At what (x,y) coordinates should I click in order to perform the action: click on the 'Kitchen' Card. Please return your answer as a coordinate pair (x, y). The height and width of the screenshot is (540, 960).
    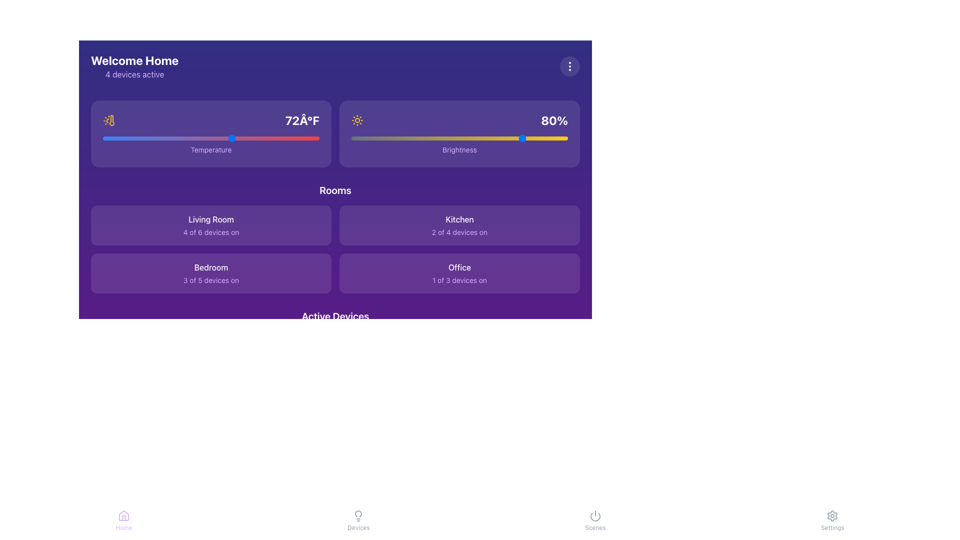
    Looking at the image, I should click on (459, 225).